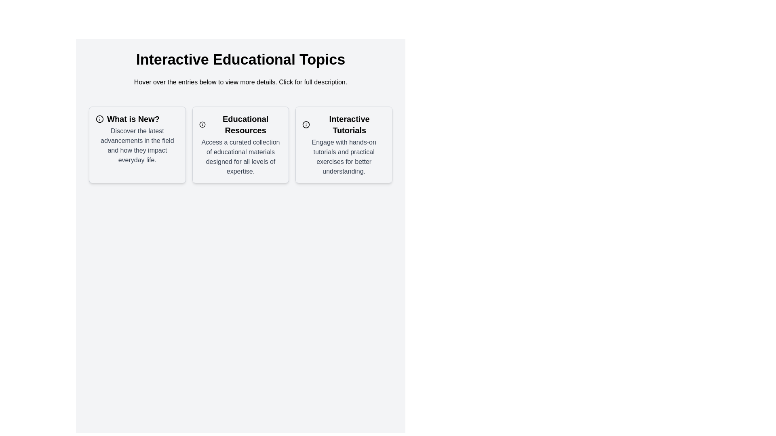 The width and height of the screenshot is (776, 436). I want to click on the Informational card titled 'Interactive Tutorials', which is the third card in a row of three under 'Interactive Educational Topics', so click(344, 144).